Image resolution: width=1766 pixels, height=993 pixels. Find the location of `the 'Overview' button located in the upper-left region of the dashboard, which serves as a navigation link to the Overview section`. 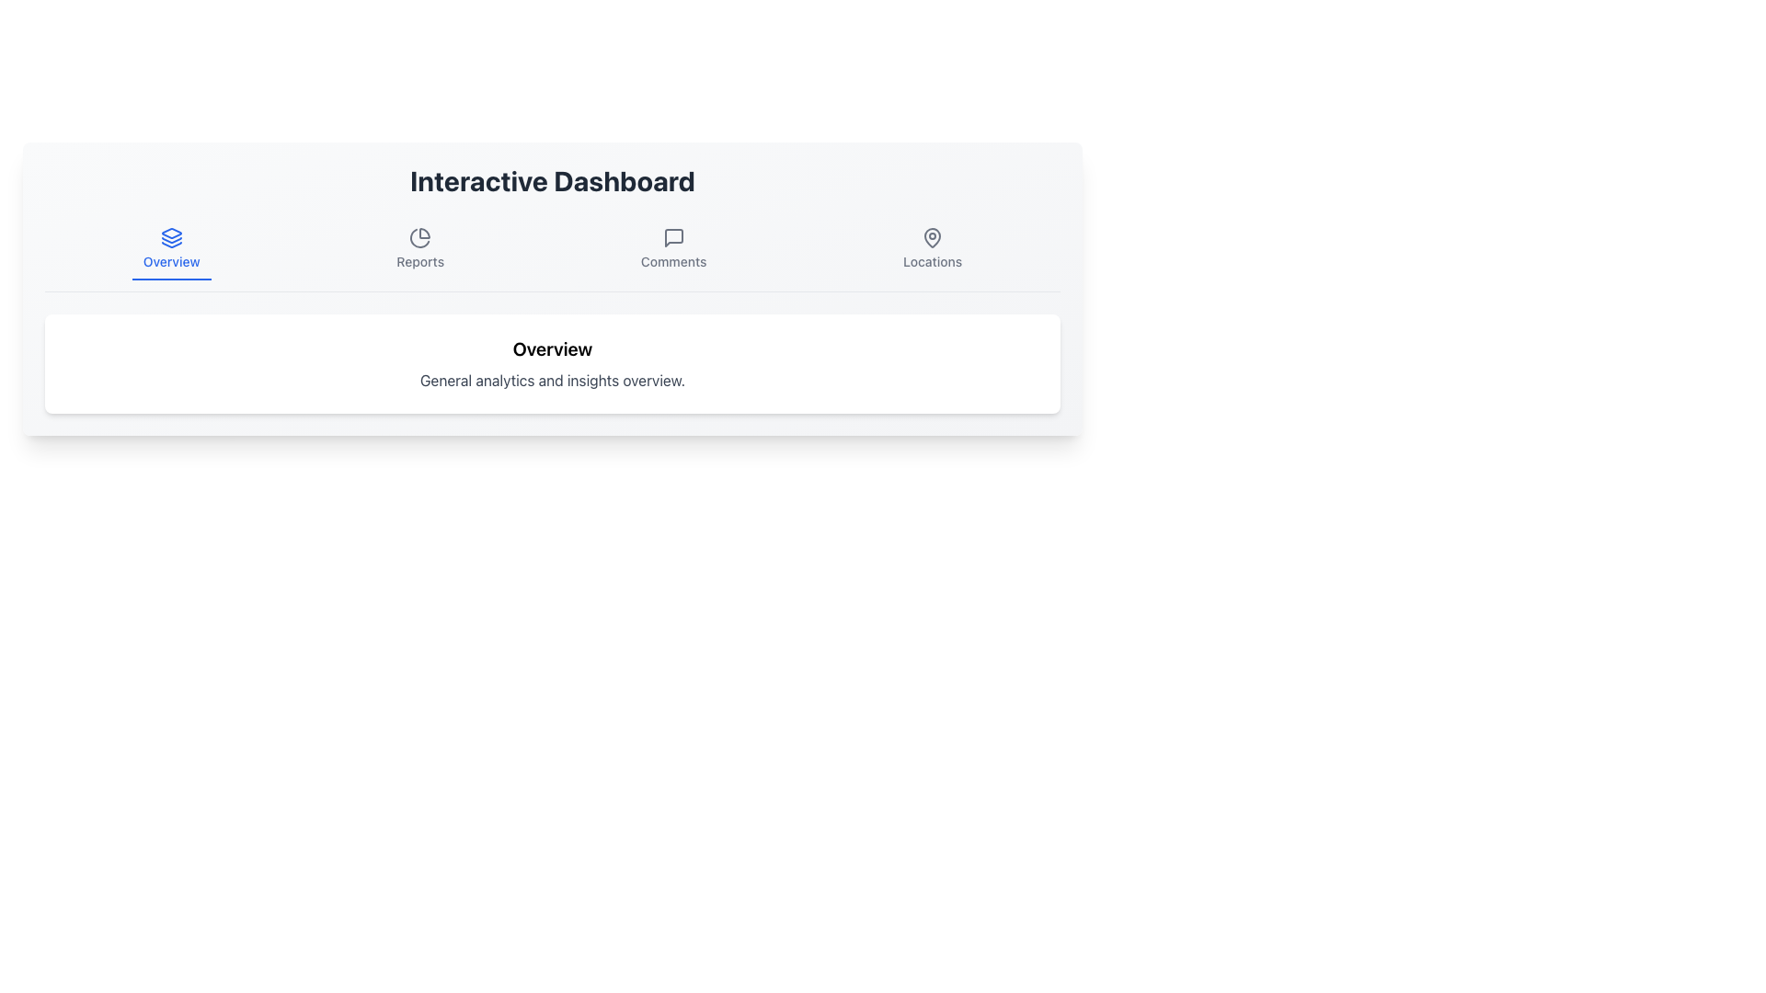

the 'Overview' button located in the upper-left region of the dashboard, which serves as a navigation link to the Overview section is located at coordinates (171, 250).